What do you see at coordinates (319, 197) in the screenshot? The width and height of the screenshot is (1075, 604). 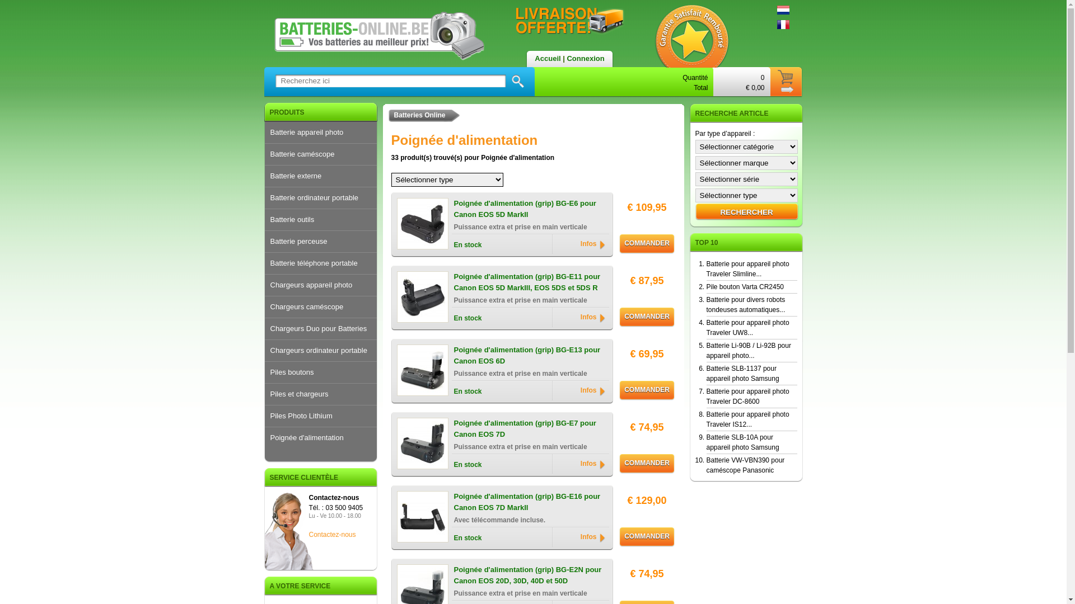 I see `'Batterie ordinateur portable'` at bounding box center [319, 197].